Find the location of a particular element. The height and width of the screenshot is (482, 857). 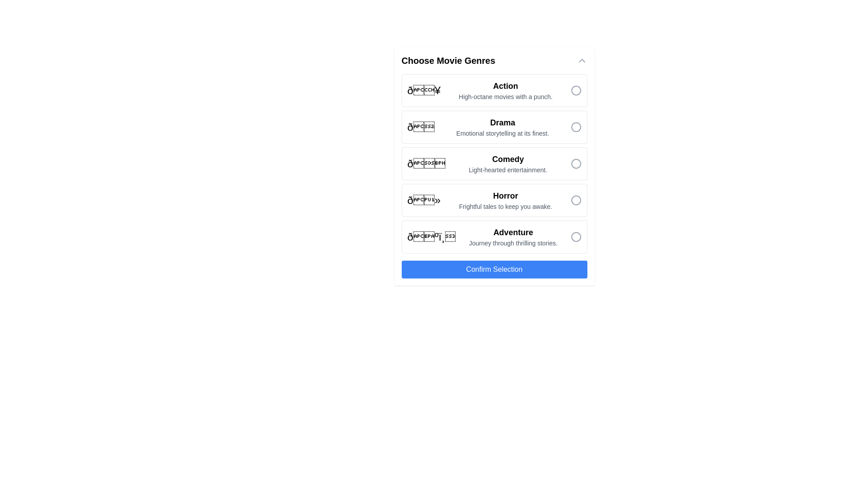

the Text Label that provides additional descriptive information for the 'Action' genre option in the movie genre selection menu, located beneath the bold title 'Action.' is located at coordinates (505, 96).